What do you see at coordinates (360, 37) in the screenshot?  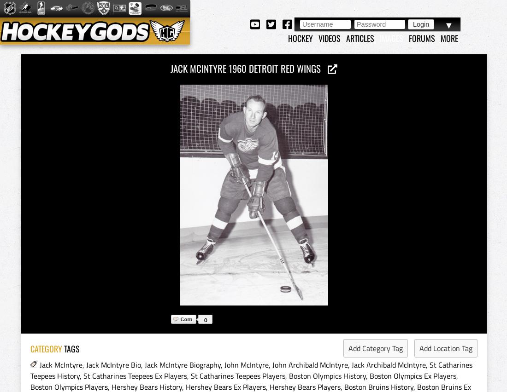 I see `'Articles'` at bounding box center [360, 37].